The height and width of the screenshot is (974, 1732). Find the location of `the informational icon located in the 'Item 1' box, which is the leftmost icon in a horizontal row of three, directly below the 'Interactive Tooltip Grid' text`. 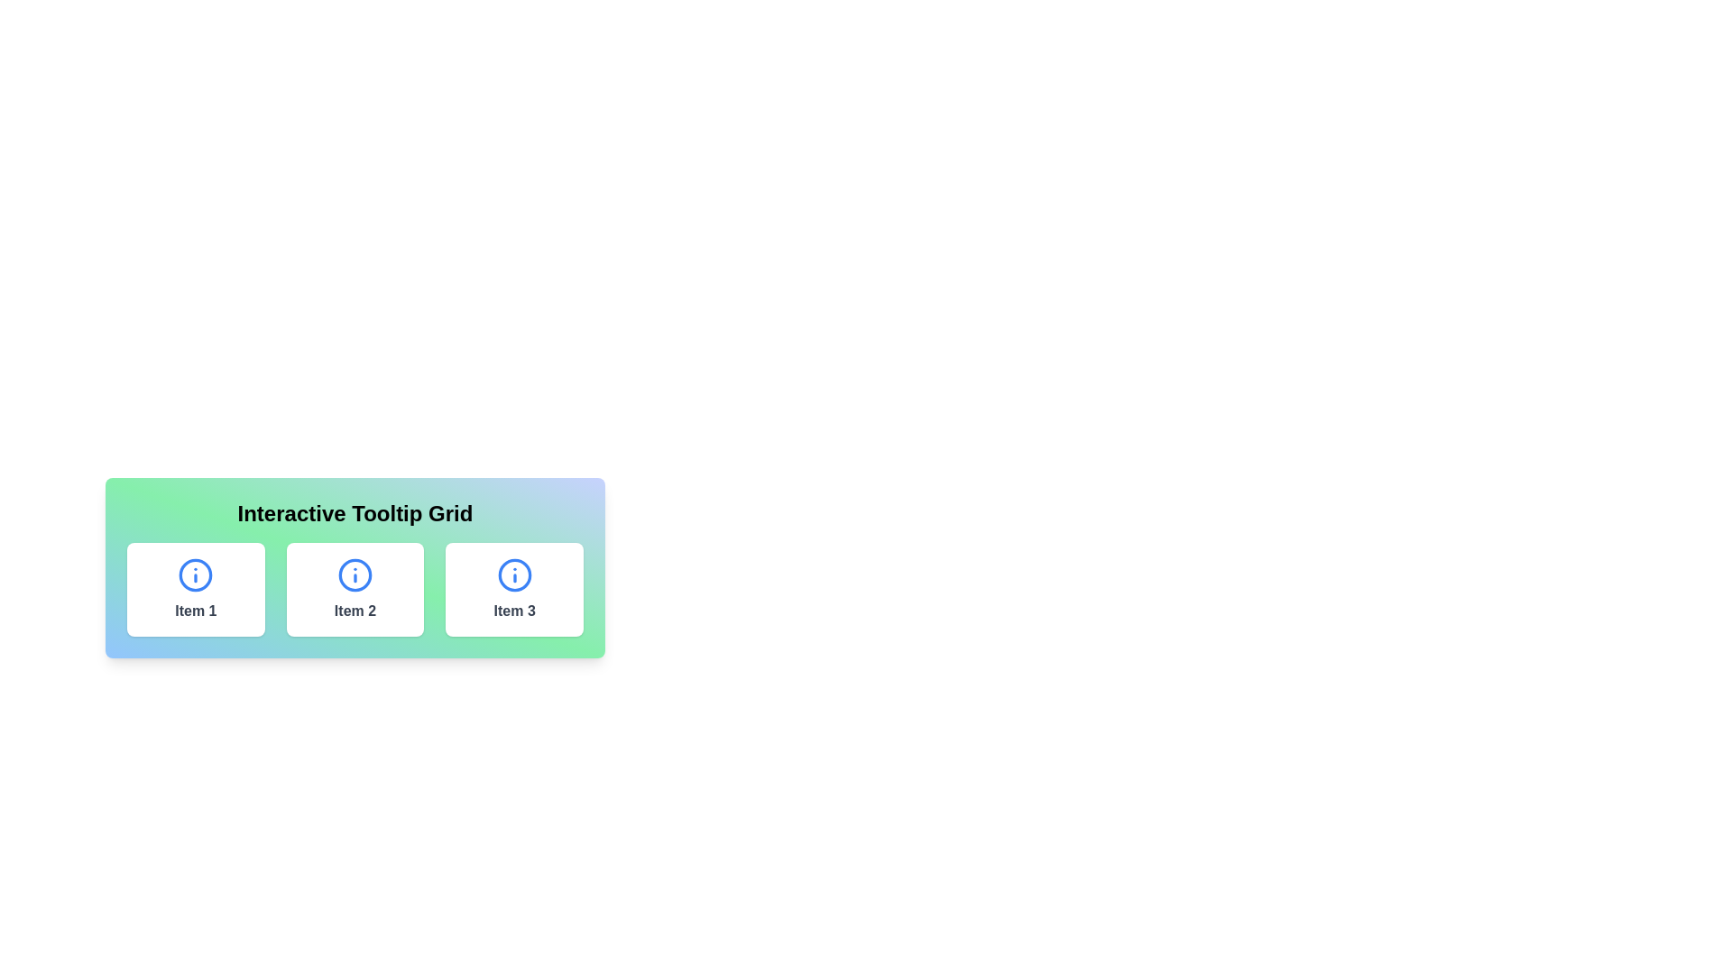

the informational icon located in the 'Item 1' box, which is the leftmost icon in a horizontal row of three, directly below the 'Interactive Tooltip Grid' text is located at coordinates (196, 574).